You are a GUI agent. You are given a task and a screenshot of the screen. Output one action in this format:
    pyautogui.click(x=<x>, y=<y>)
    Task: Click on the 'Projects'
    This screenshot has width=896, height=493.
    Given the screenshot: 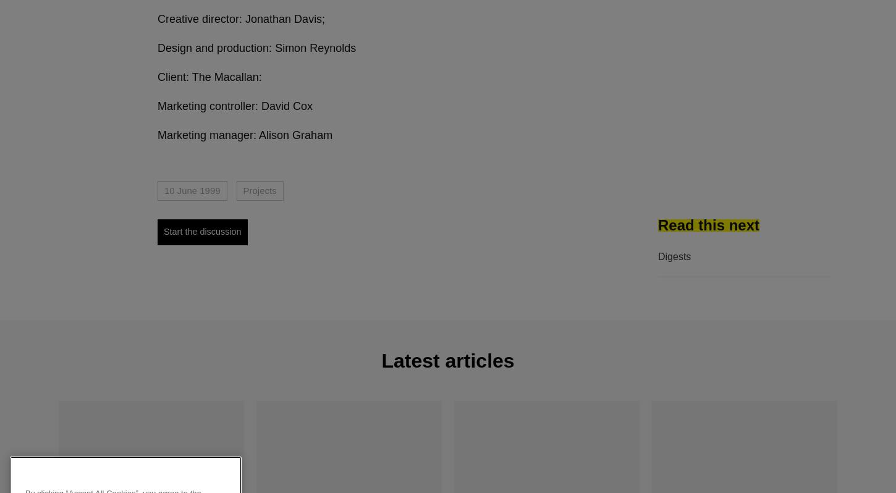 What is the action you would take?
    pyautogui.click(x=259, y=190)
    